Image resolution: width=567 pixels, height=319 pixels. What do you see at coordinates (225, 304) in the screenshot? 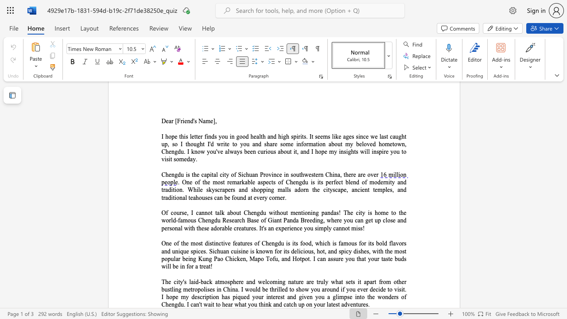
I see `the subset text "ear what you think and catch up on your latest adventu" within the text "wait to hear what you think and catch up on your latest adventures."` at bounding box center [225, 304].